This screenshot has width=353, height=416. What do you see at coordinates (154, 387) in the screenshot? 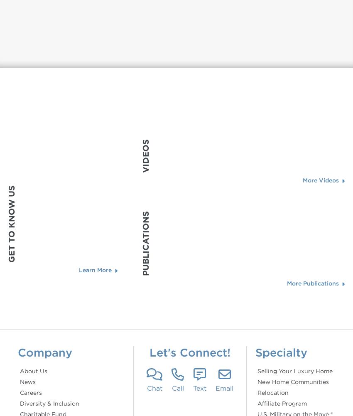
I see `'Chat'` at bounding box center [154, 387].